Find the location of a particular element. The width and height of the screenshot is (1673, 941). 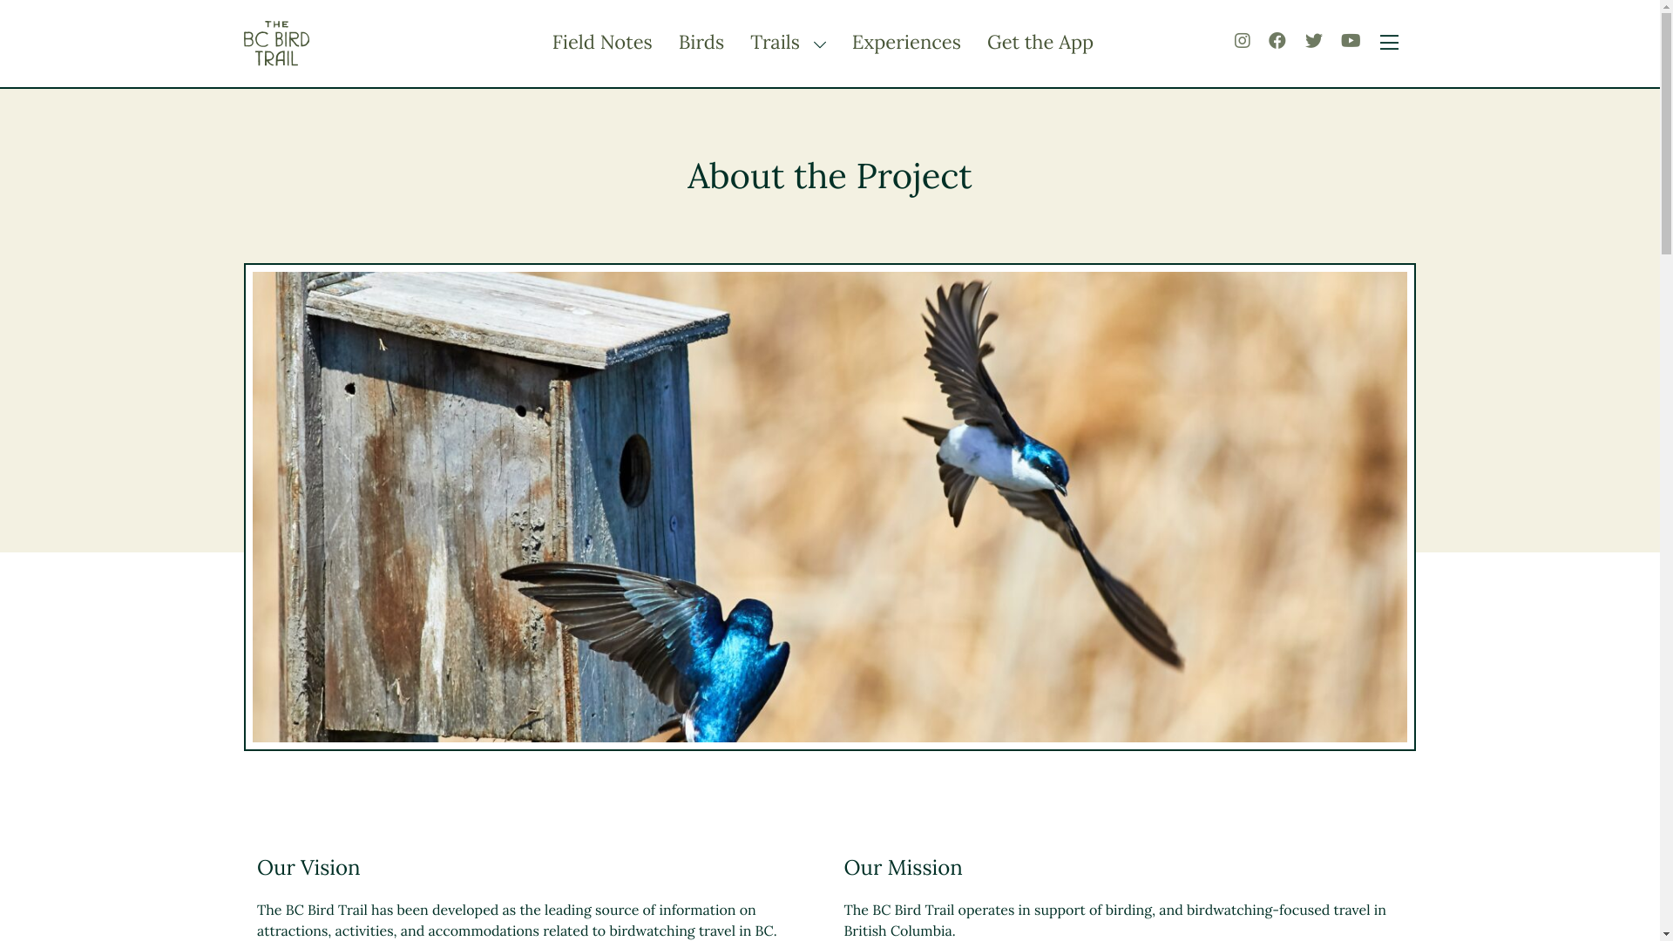

'BC Bird Trail Facebook Account' is located at coordinates (1268, 40).